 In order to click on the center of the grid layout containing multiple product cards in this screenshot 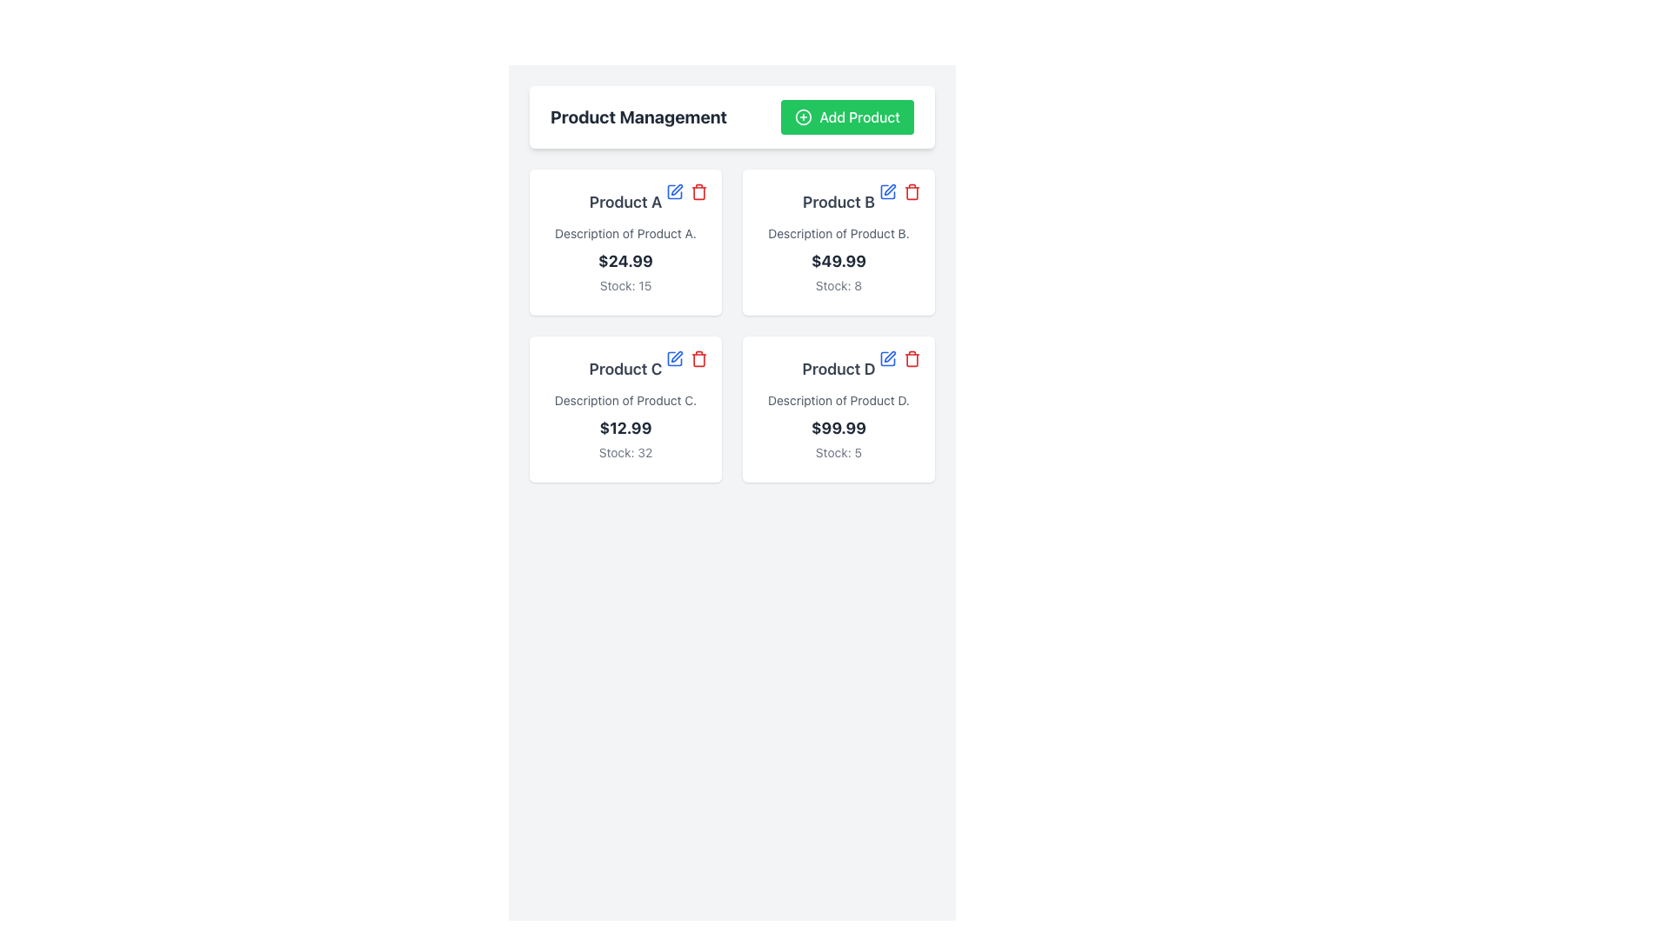, I will do `click(731, 325)`.